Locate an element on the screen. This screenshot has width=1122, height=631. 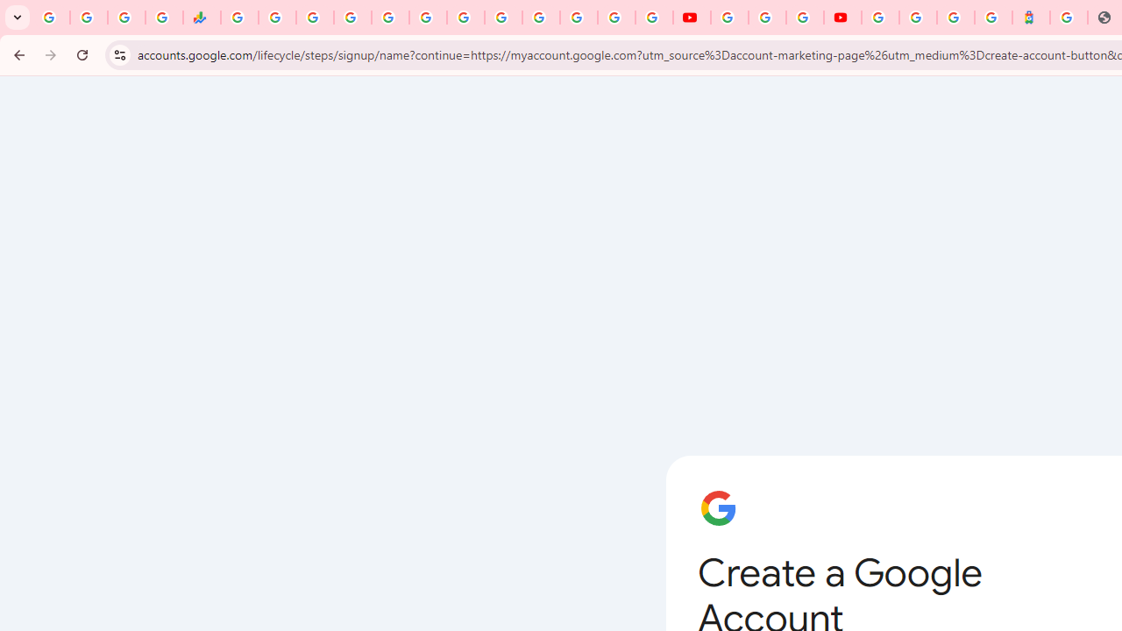
'Privacy Checkup' is located at coordinates (653, 18).